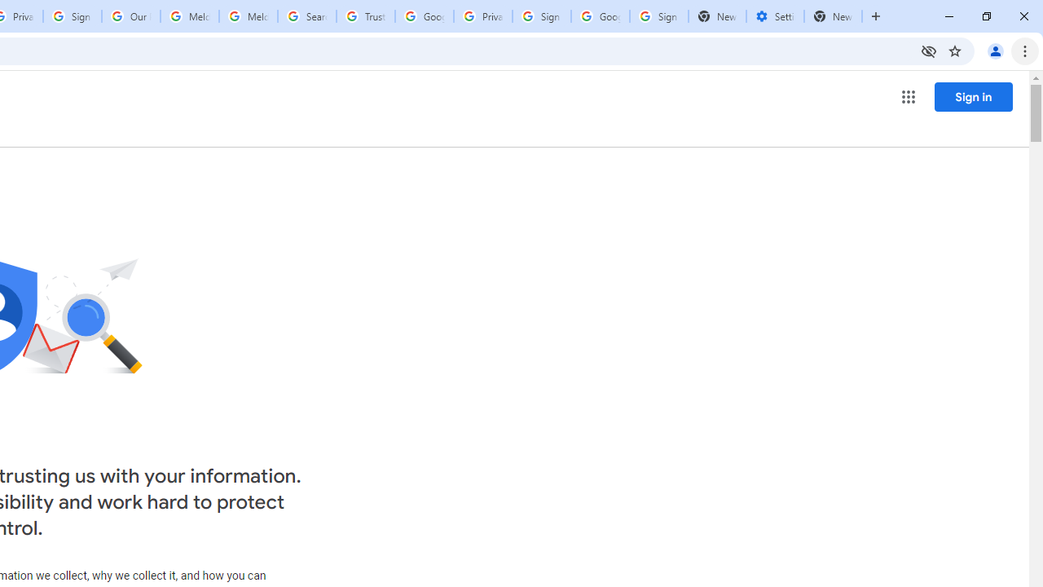  What do you see at coordinates (600, 16) in the screenshot?
I see `'Google Cybersecurity Innovations - Google Safety Center'` at bounding box center [600, 16].